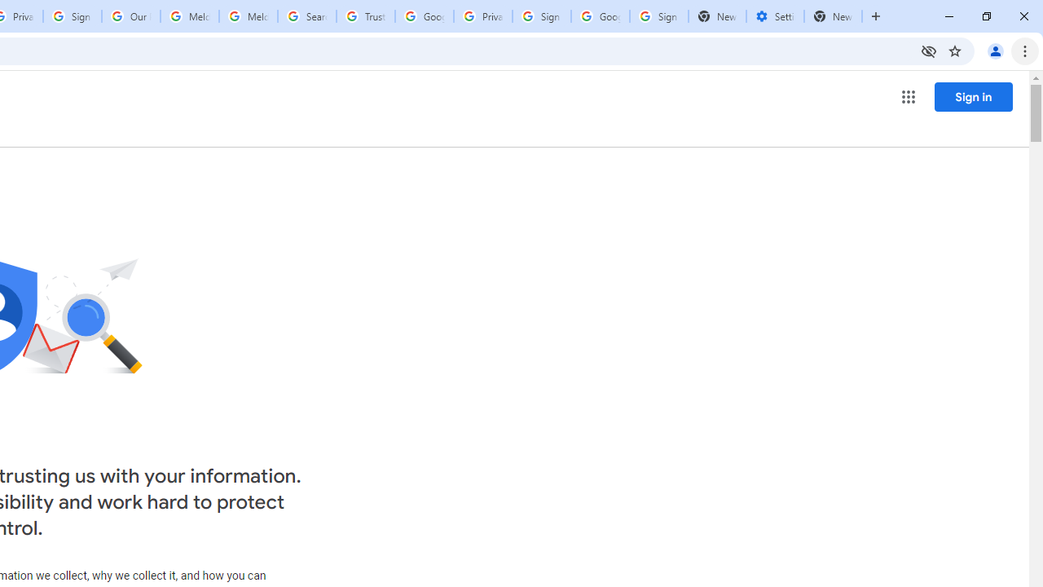  What do you see at coordinates (600, 16) in the screenshot?
I see `'Google Cybersecurity Innovations - Google Safety Center'` at bounding box center [600, 16].